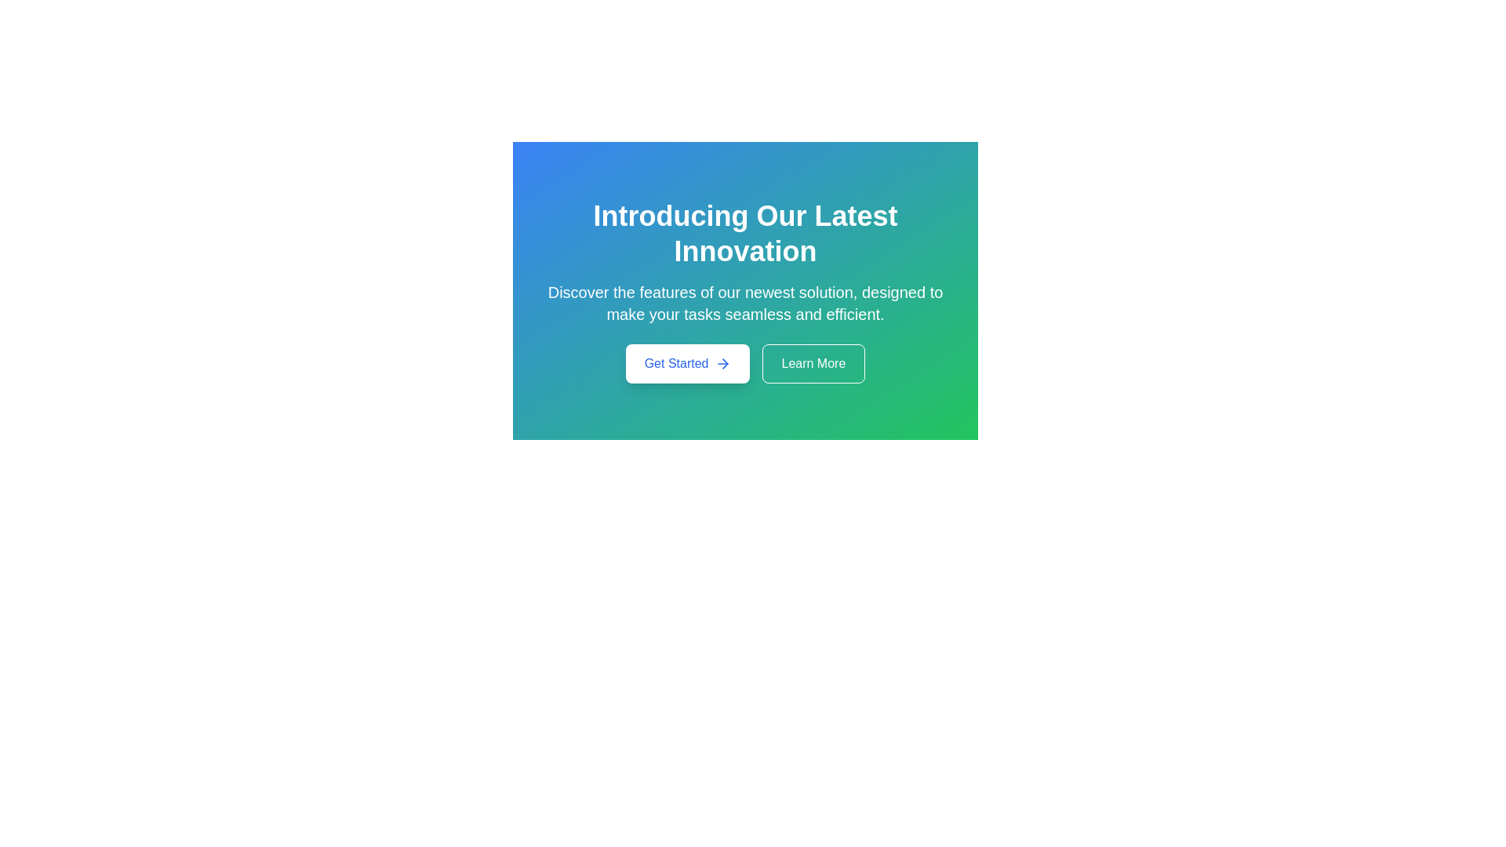  What do you see at coordinates (813, 363) in the screenshot?
I see `the 'Learn More' button, which is a rectangular button with rounded corners and white text, to observe the styling changes such as the blue background` at bounding box center [813, 363].